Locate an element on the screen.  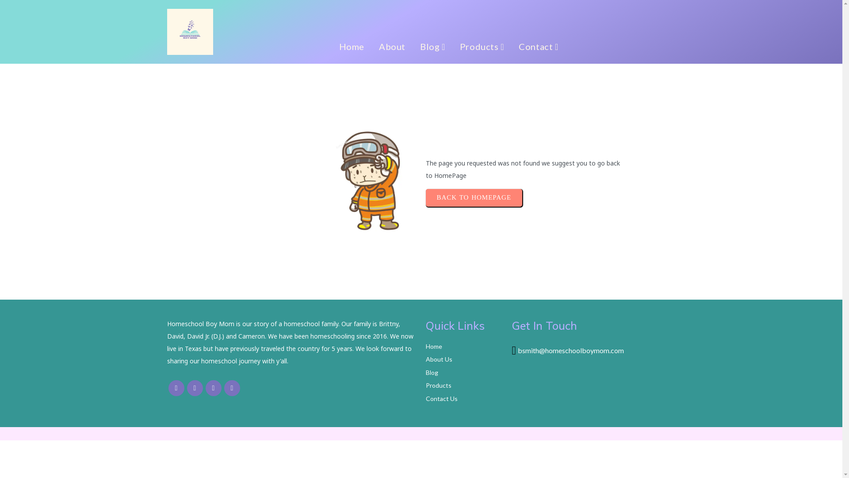
'BACK TO HOMEPAGE' is located at coordinates (473, 197).